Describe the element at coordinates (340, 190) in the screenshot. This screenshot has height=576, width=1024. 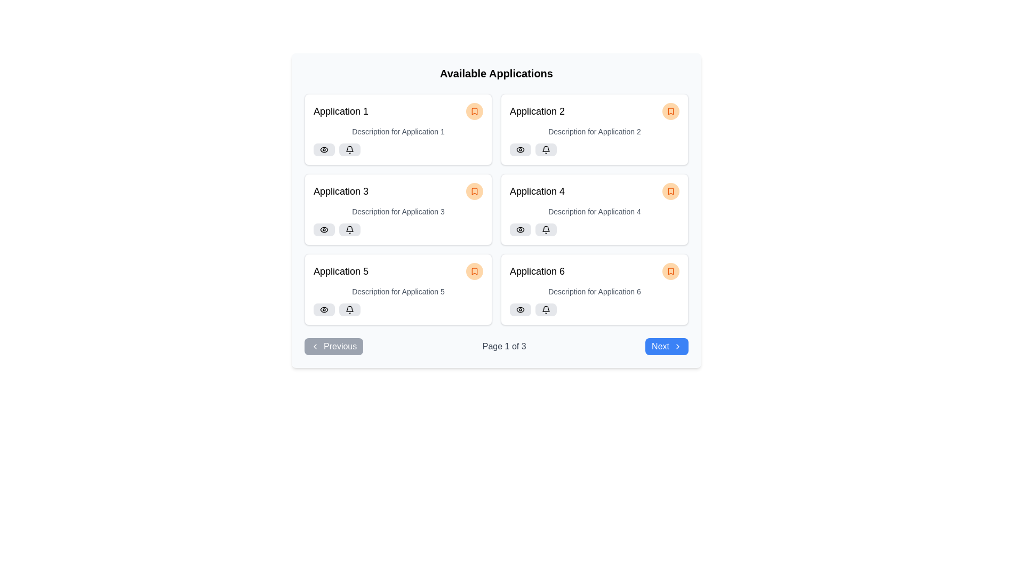
I see `the static text label reading 'Application 3', which is centrally positioned within the third card in the left column of the grid layout` at that location.